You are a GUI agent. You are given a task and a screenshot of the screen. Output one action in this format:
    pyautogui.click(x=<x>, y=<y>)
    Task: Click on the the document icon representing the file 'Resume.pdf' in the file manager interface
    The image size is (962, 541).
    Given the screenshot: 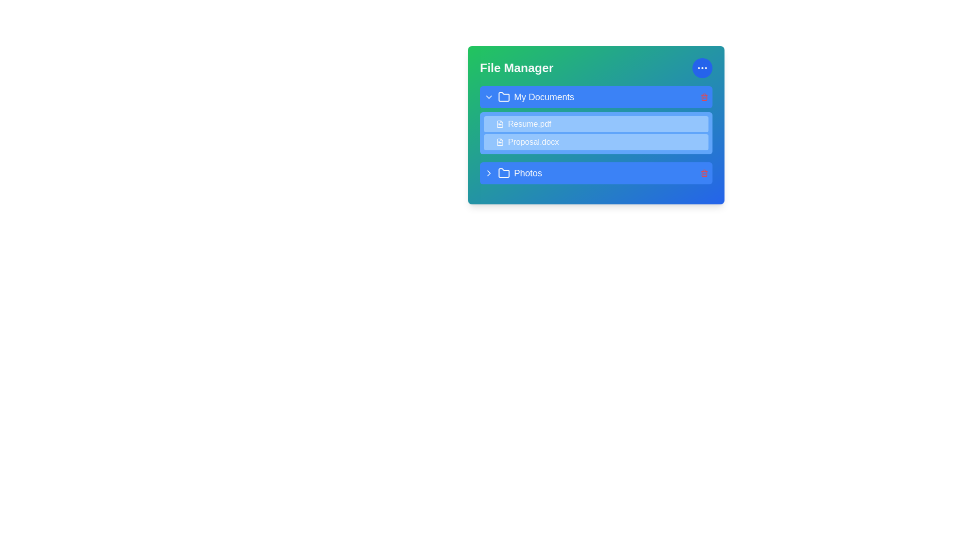 What is the action you would take?
    pyautogui.click(x=500, y=123)
    